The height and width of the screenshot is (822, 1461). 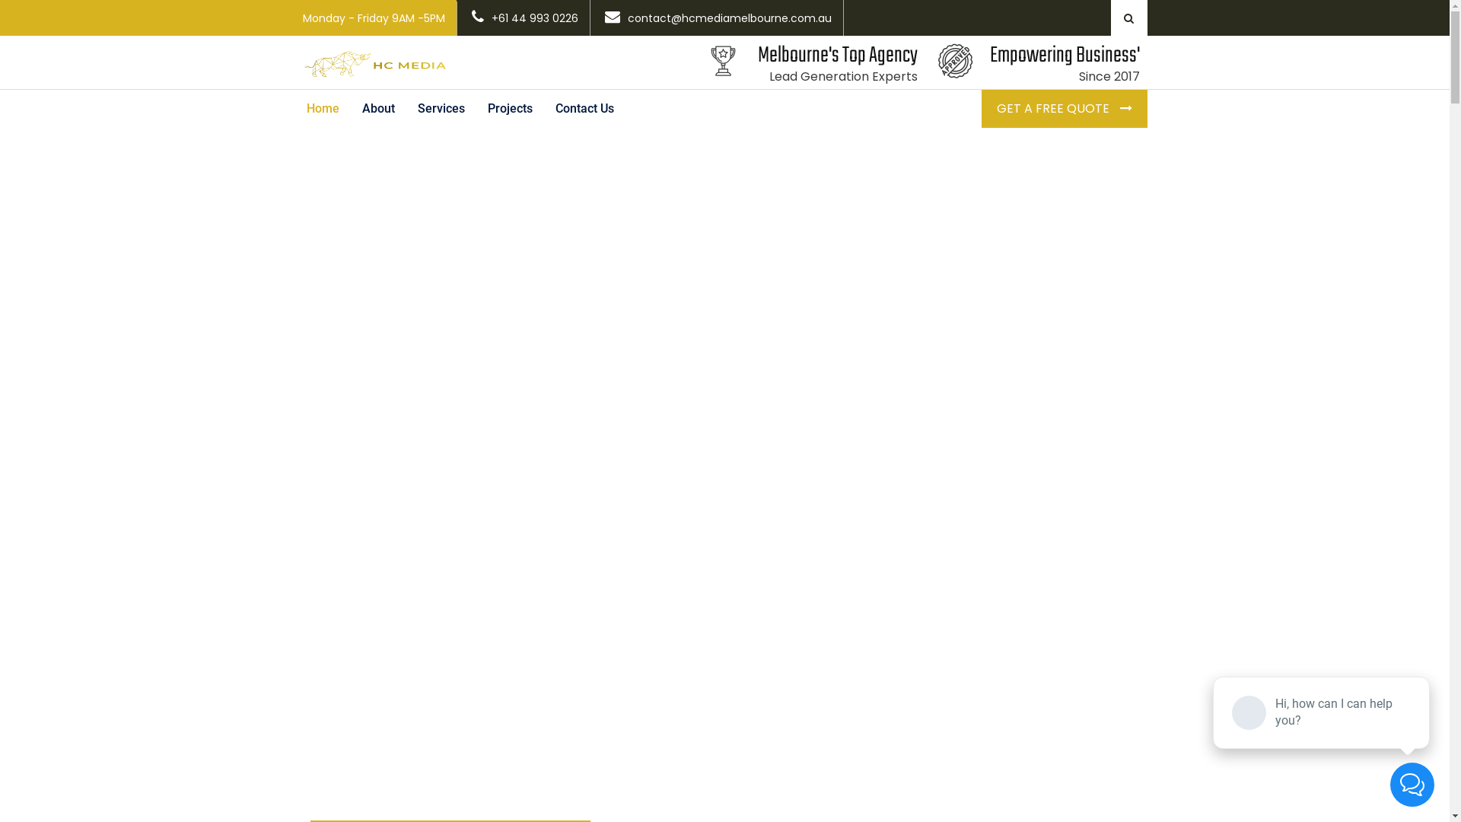 I want to click on 'Home', so click(x=322, y=107).